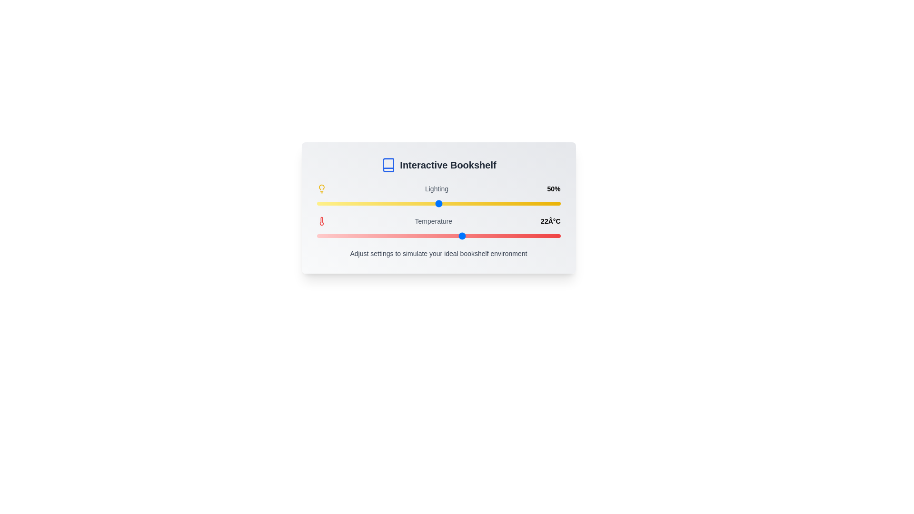 The height and width of the screenshot is (514, 914). What do you see at coordinates (329, 236) in the screenshot?
I see `the temperature slider to 11°C` at bounding box center [329, 236].